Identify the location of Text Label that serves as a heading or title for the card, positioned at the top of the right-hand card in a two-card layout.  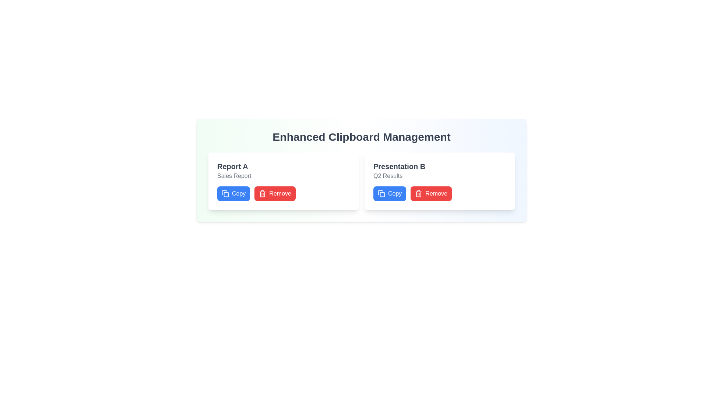
(399, 166).